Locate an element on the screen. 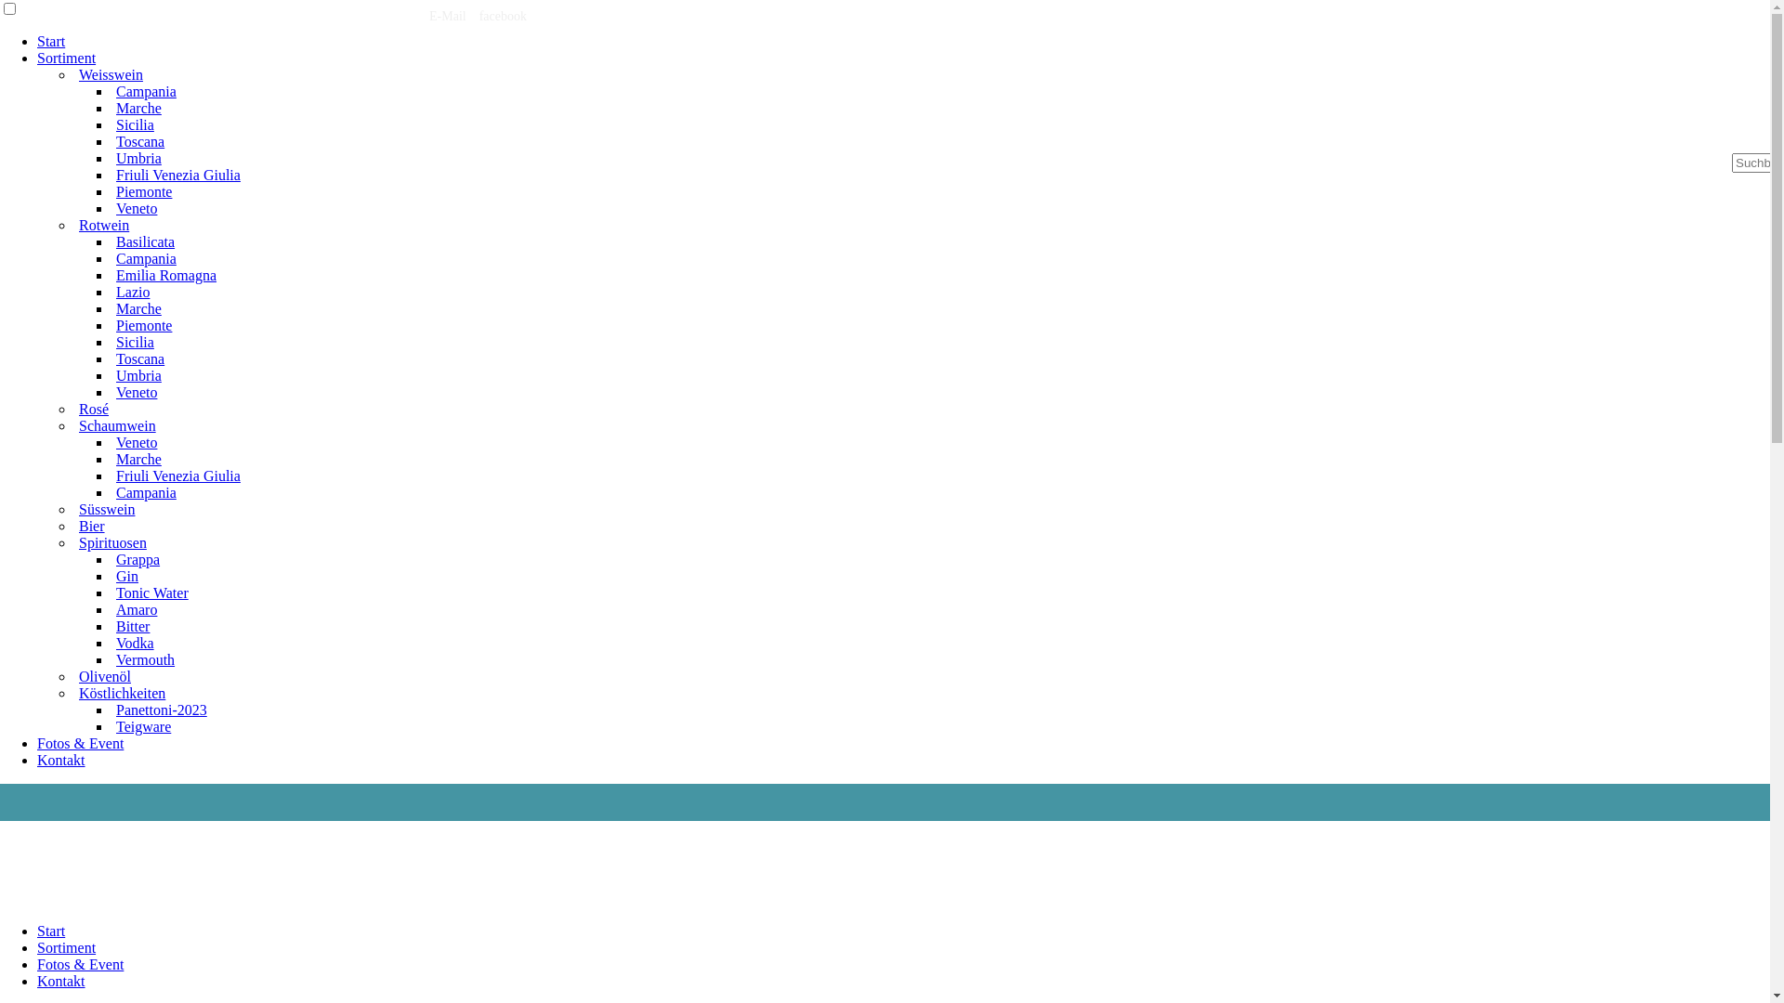 This screenshot has height=1003, width=1784. ' ' is located at coordinates (422, 16).